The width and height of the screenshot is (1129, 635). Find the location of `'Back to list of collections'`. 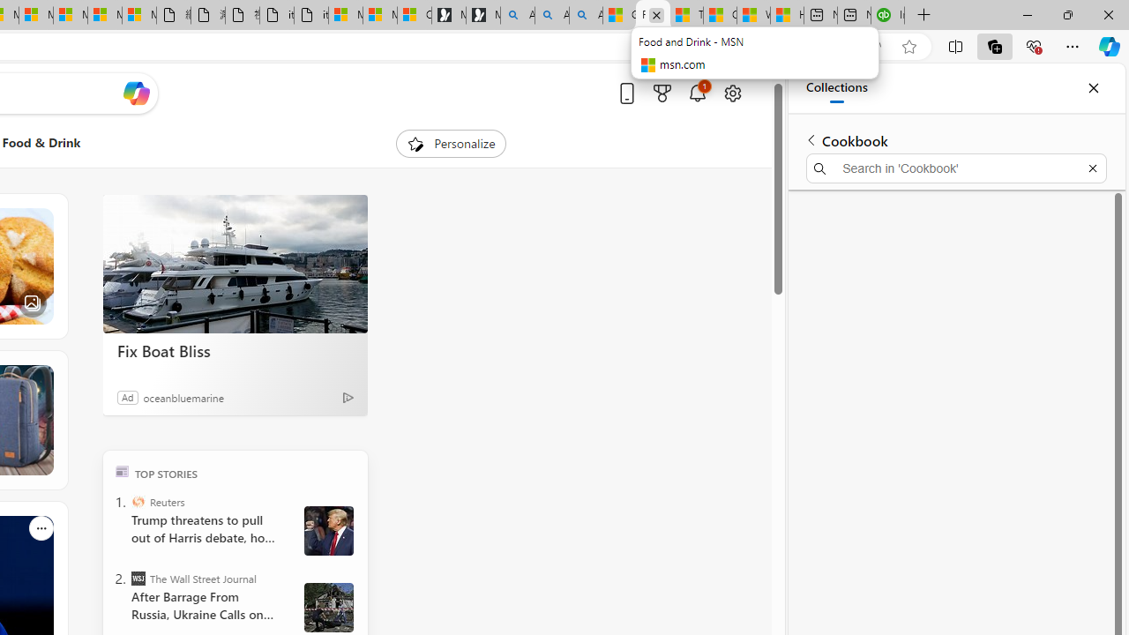

'Back to list of collections' is located at coordinates (811, 139).